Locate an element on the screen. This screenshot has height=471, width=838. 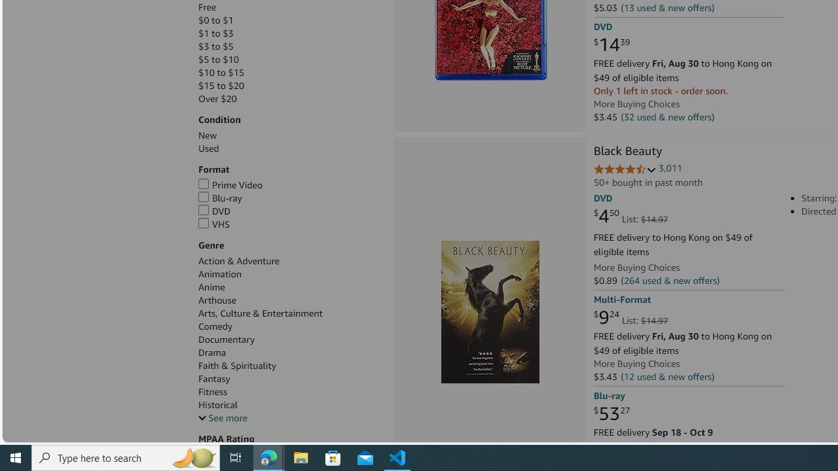
'Multi-Format' is located at coordinates (621, 300).